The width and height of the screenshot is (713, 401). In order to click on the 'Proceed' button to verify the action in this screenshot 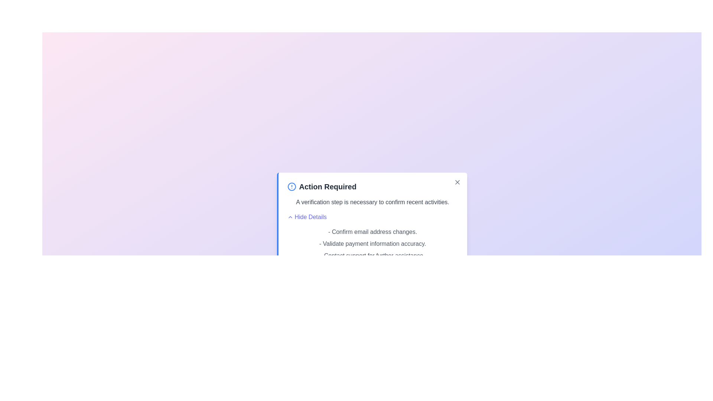, I will do `click(372, 276)`.